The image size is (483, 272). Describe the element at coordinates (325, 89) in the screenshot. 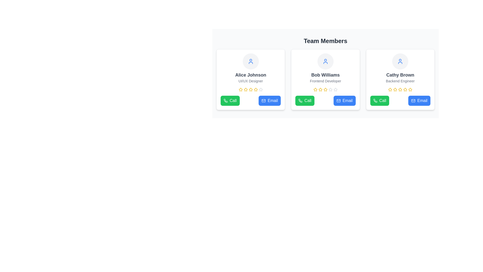

I see `the fourth yellow star icon in the rating system beneath the user profile 'Bob Williams, Frontend Developer.'` at that location.